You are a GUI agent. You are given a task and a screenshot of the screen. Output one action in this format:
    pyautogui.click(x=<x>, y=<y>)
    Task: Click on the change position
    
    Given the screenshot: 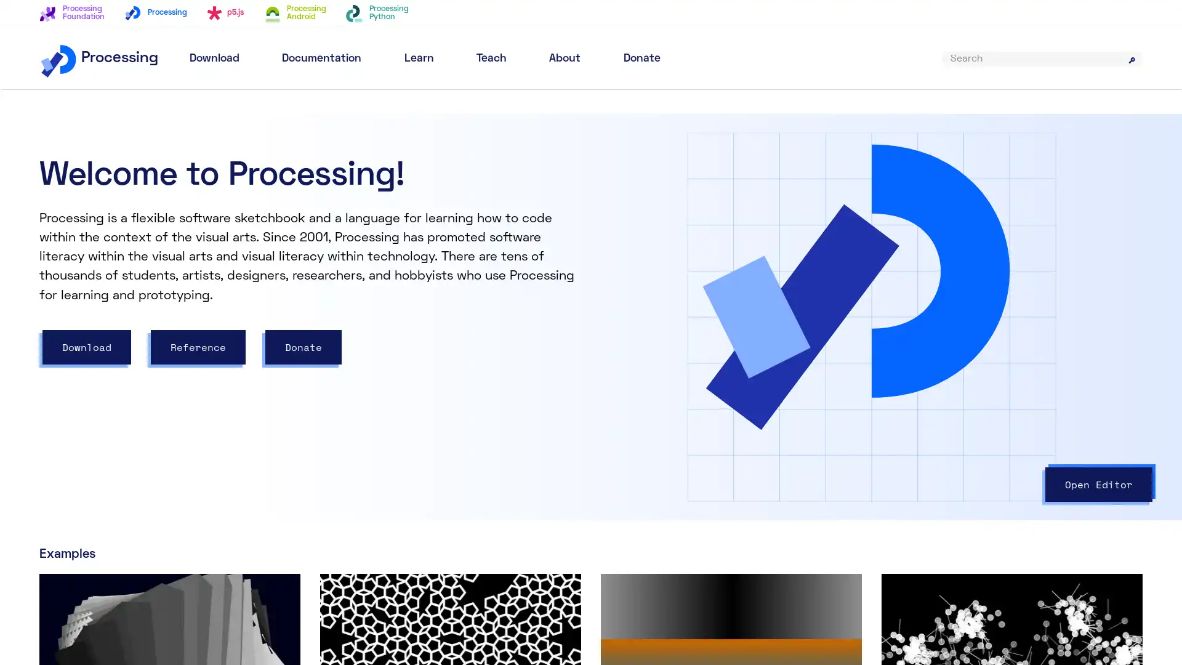 What is the action you would take?
    pyautogui.click(x=784, y=337)
    